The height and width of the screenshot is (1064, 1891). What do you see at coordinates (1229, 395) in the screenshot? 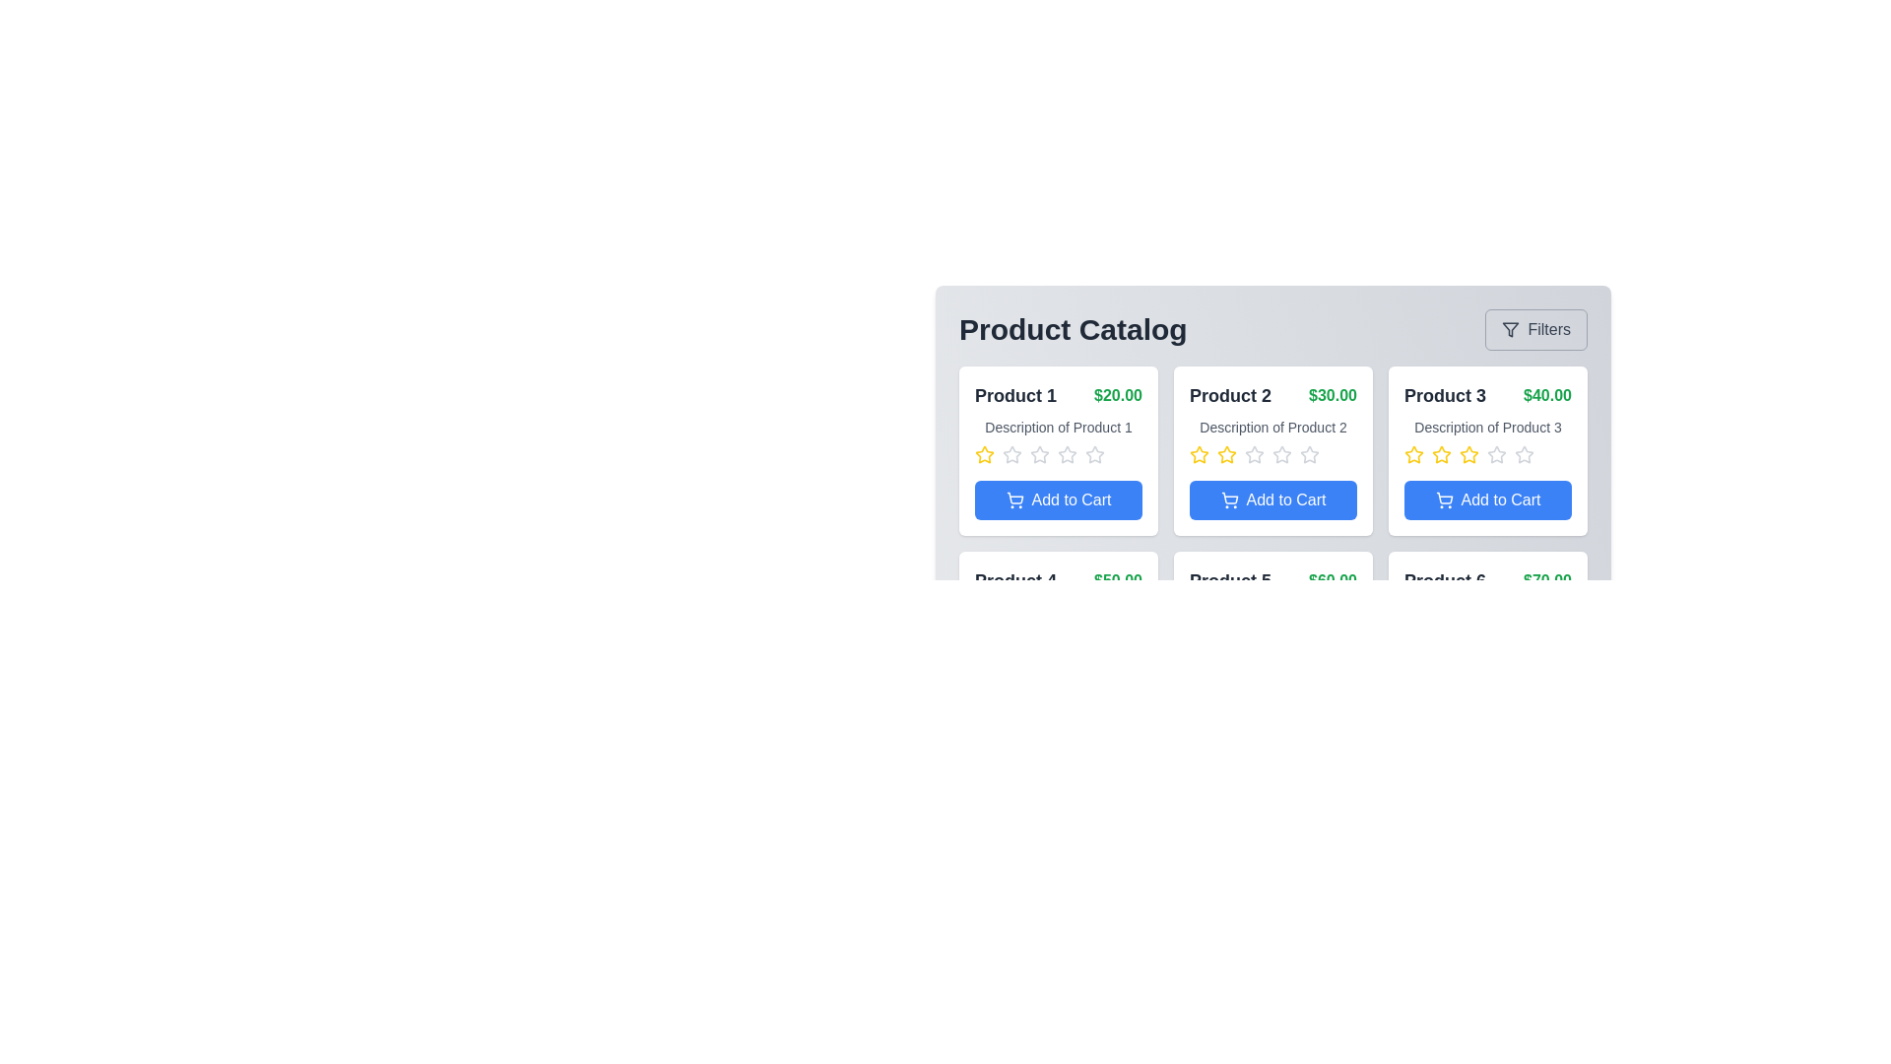
I see `the product name labeled Product 2 to view its details` at bounding box center [1229, 395].